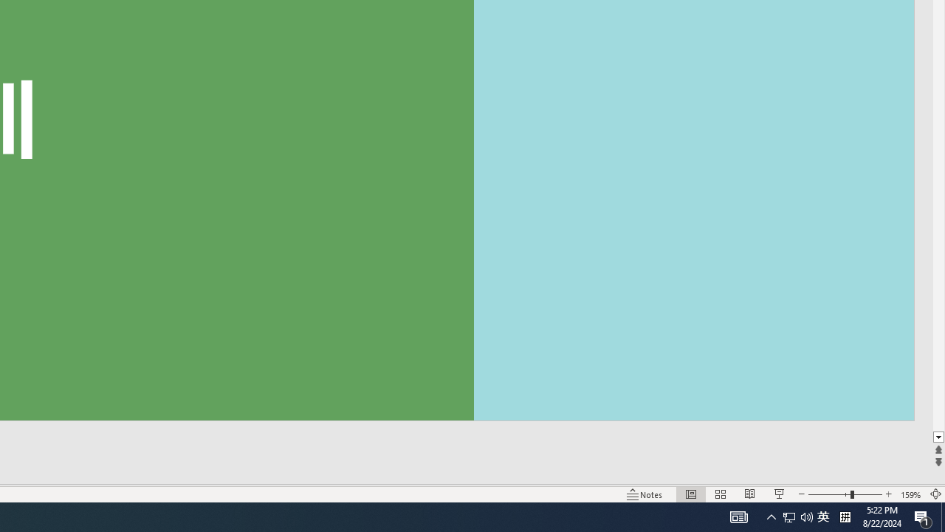 The height and width of the screenshot is (532, 945). What do you see at coordinates (910, 494) in the screenshot?
I see `'Zoom 159%'` at bounding box center [910, 494].